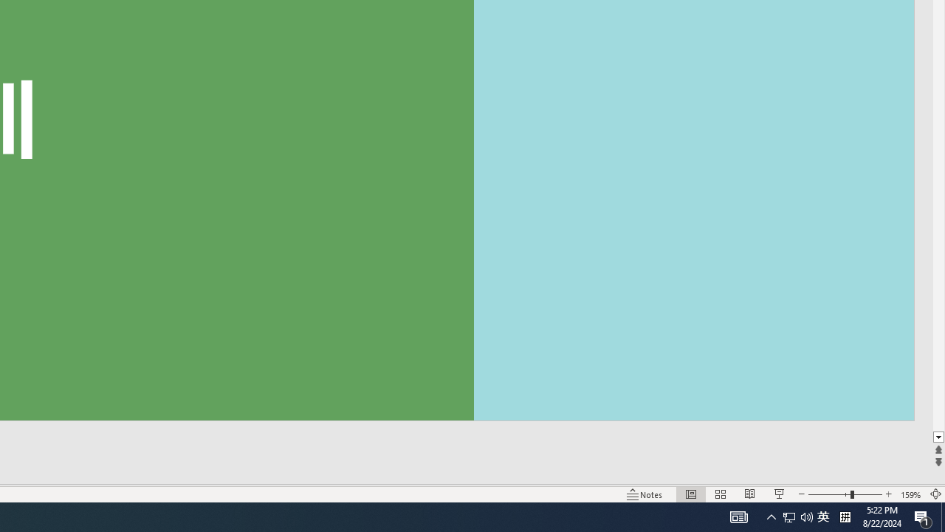 The height and width of the screenshot is (532, 945). What do you see at coordinates (910, 494) in the screenshot?
I see `'Zoom 159%'` at bounding box center [910, 494].